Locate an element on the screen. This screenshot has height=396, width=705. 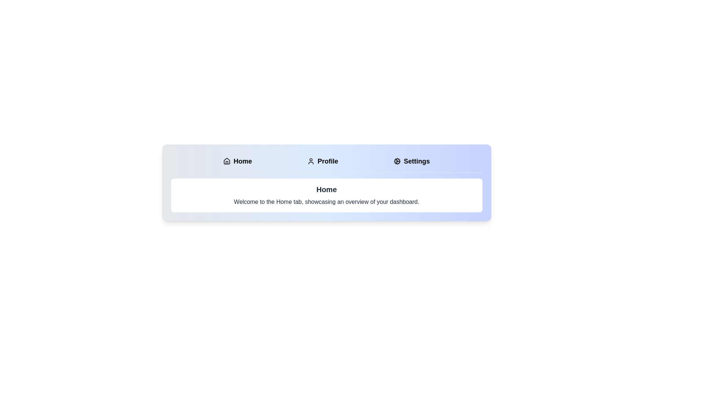
the 'Home' button is located at coordinates (238, 161).